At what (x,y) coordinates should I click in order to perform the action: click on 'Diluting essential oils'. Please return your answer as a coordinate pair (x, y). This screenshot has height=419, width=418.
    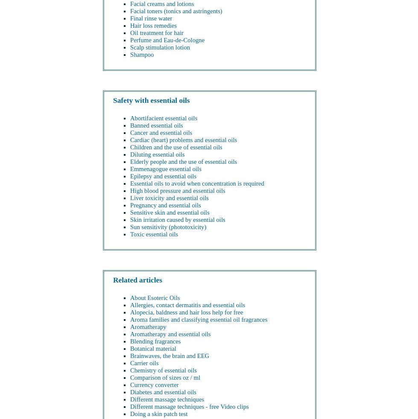
    Looking at the image, I should click on (157, 154).